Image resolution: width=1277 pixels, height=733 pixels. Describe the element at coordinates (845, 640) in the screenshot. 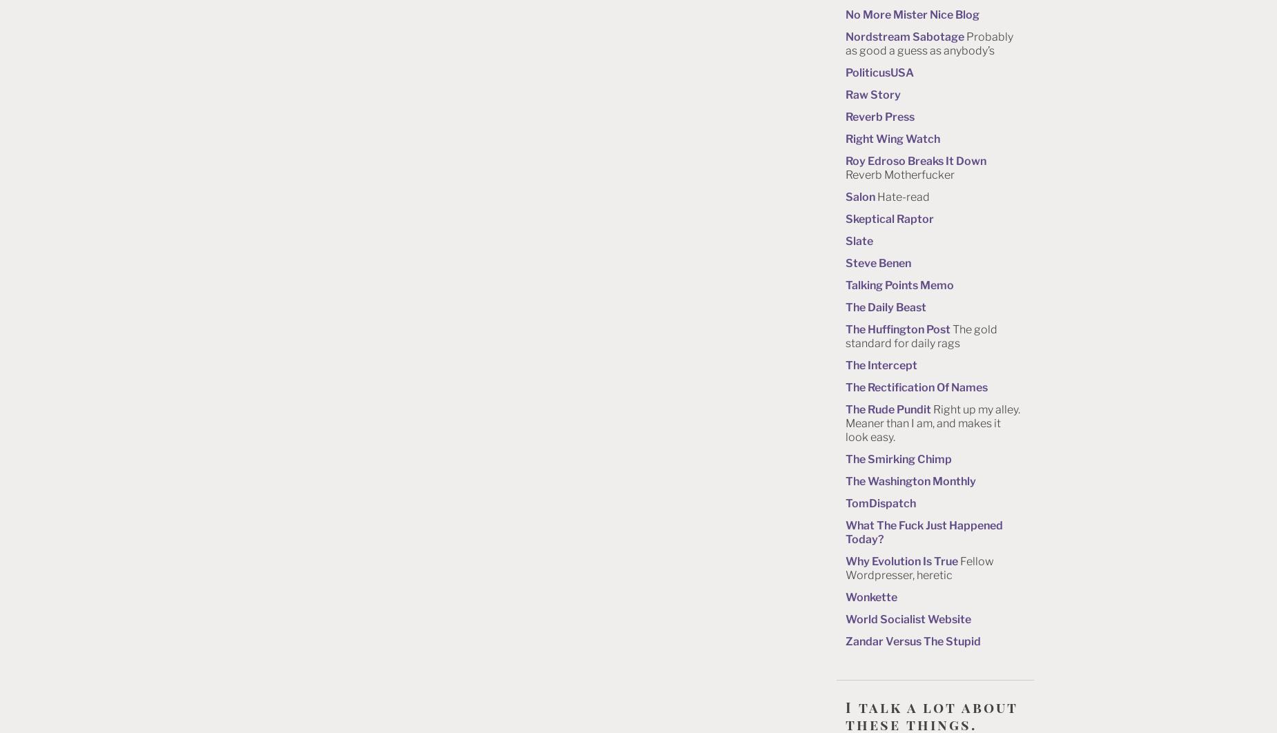

I see `'Zandar Versus The Stupid'` at that location.